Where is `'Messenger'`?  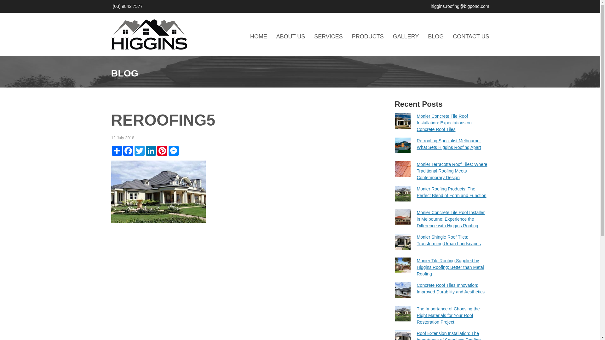
'Messenger' is located at coordinates (173, 150).